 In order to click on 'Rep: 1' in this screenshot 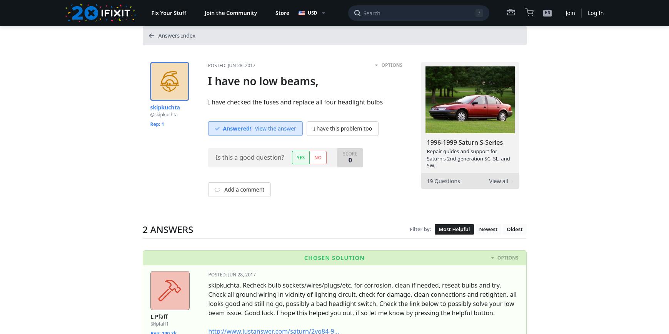, I will do `click(157, 124)`.